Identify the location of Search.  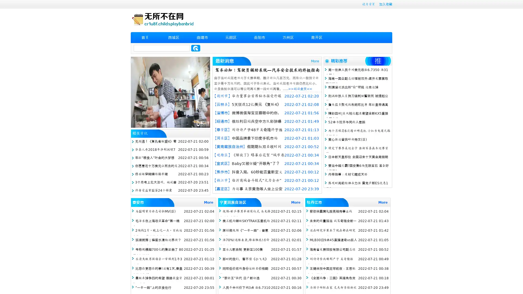
(196, 48).